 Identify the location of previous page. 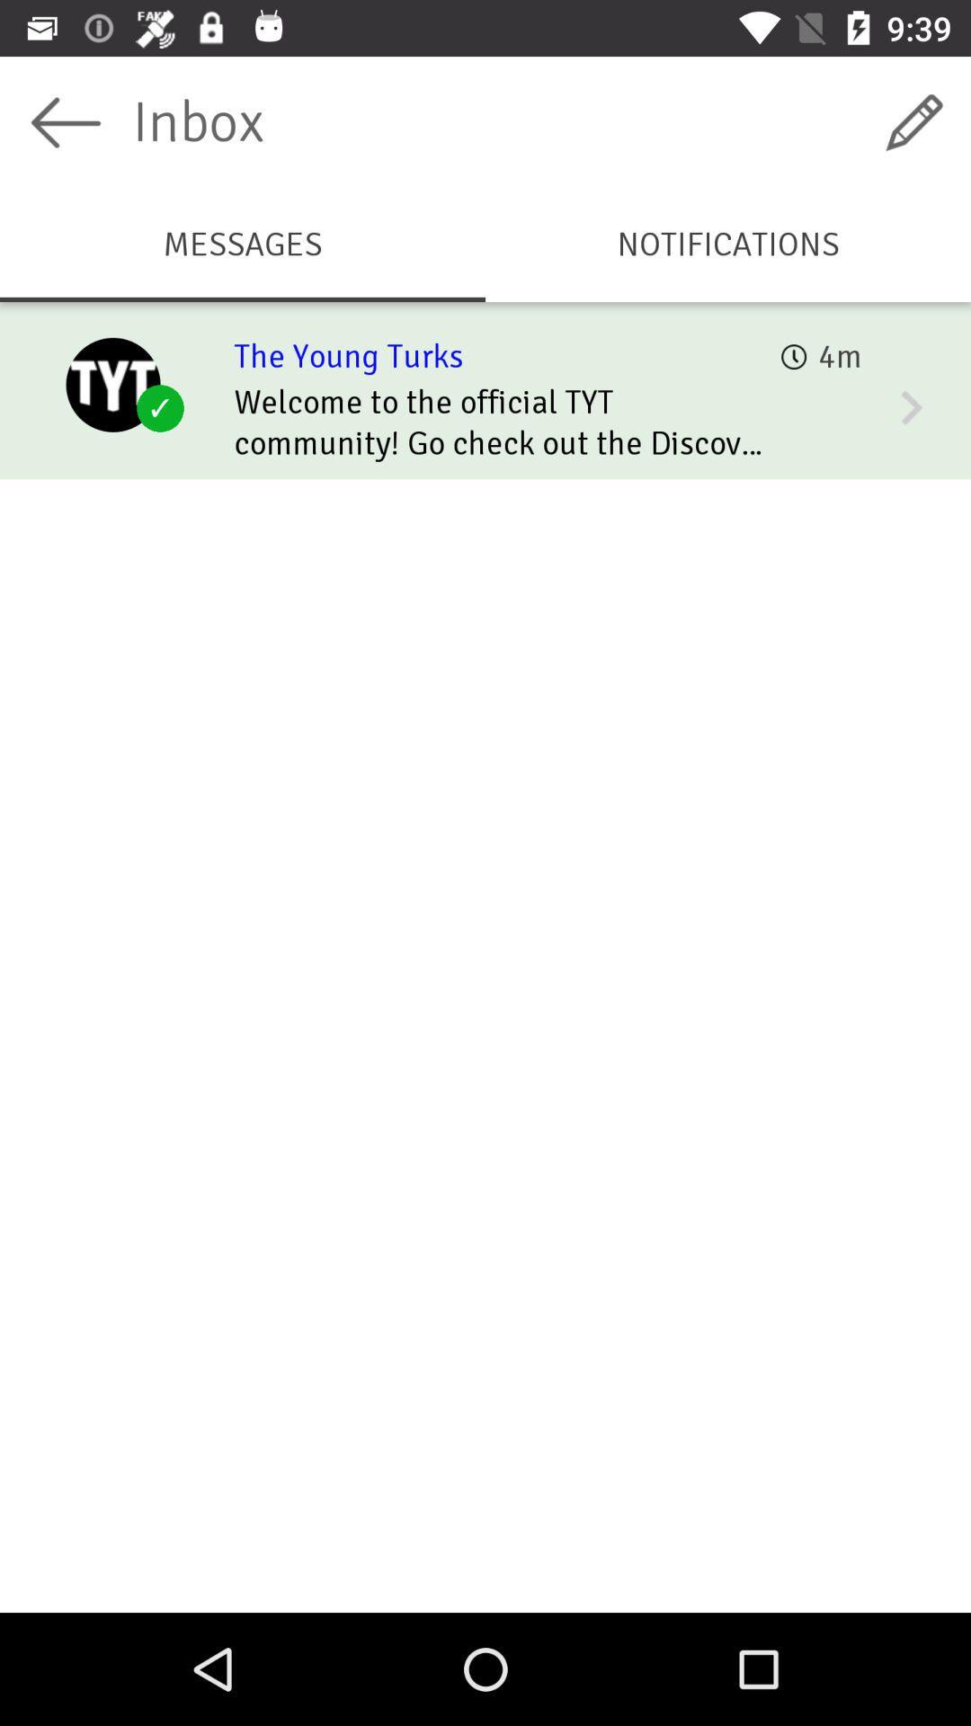
(65, 121).